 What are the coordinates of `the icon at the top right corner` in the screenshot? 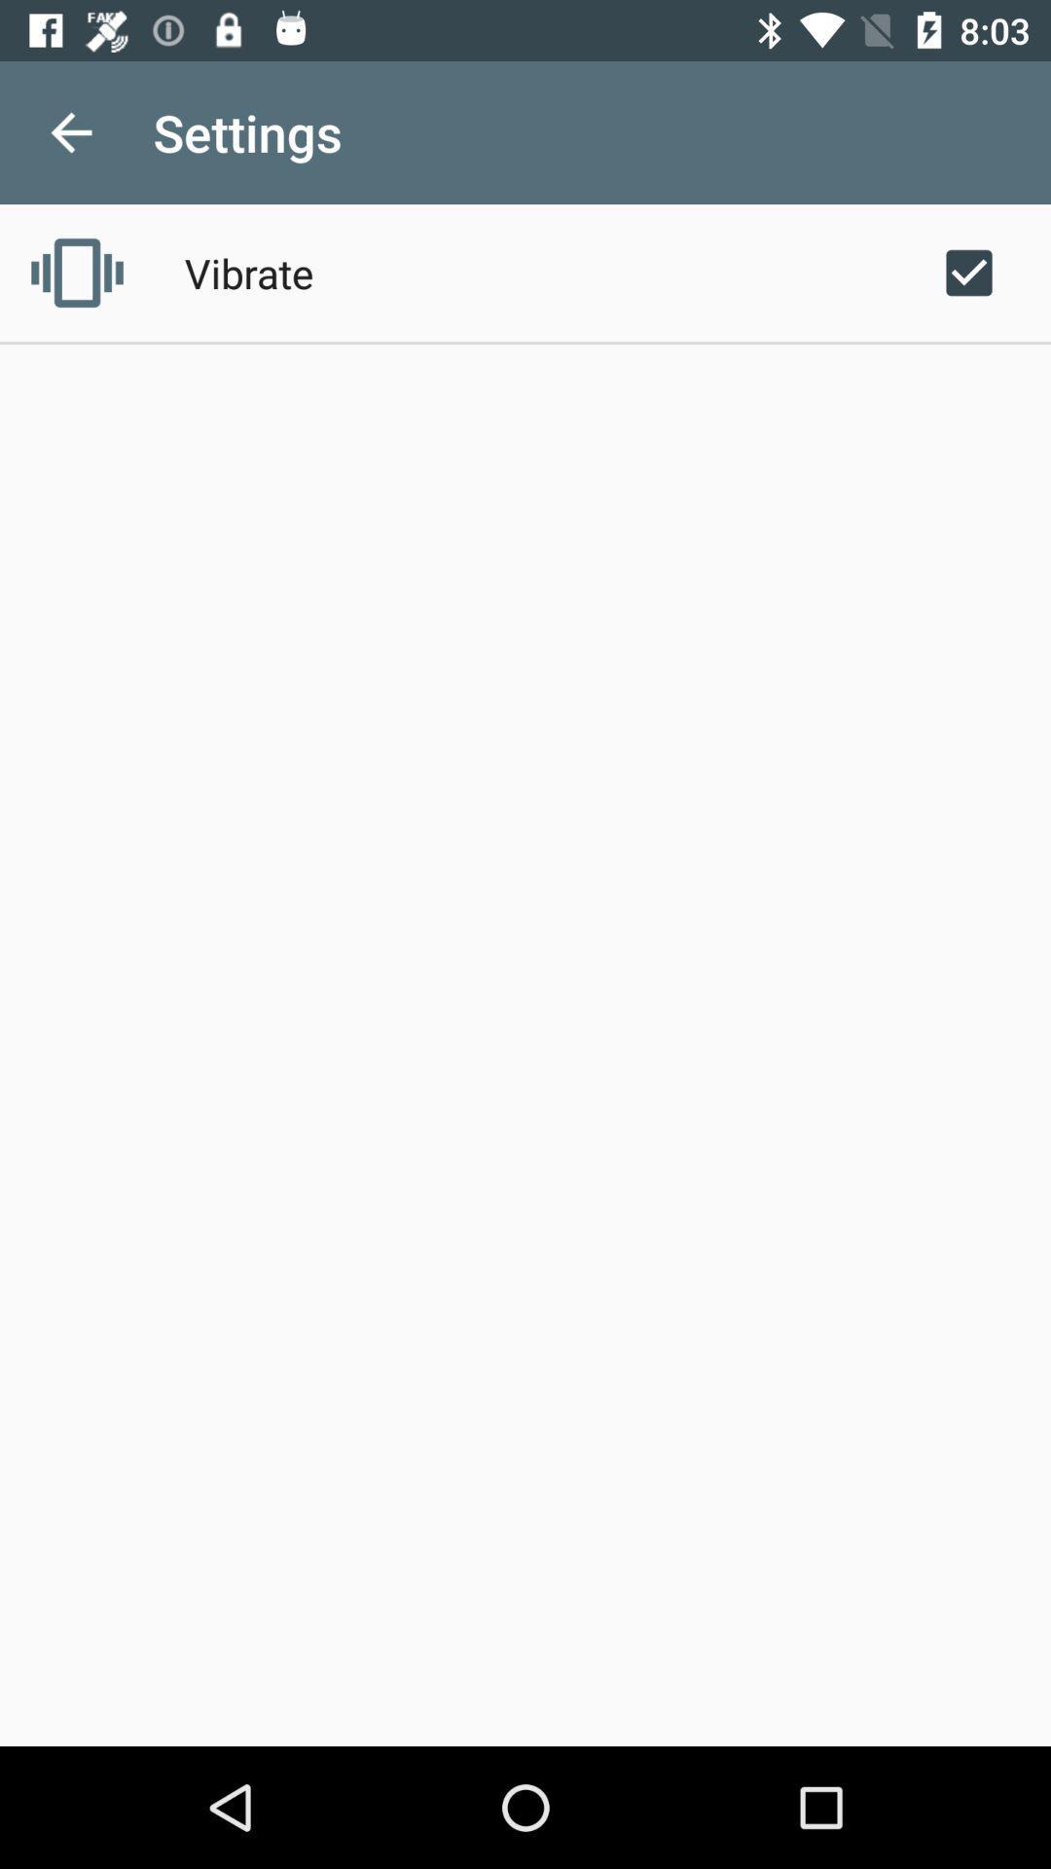 It's located at (968, 272).